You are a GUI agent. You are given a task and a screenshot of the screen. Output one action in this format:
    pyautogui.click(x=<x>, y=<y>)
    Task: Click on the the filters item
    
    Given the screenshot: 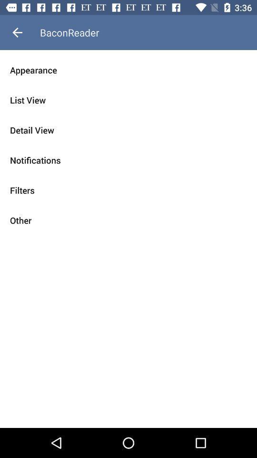 What is the action you would take?
    pyautogui.click(x=128, y=189)
    